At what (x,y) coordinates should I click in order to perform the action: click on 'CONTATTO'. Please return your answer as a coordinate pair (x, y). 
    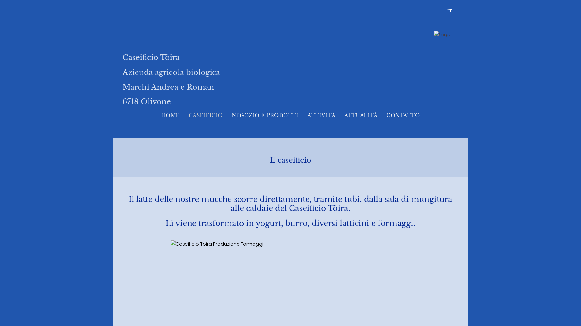
    Looking at the image, I should click on (403, 115).